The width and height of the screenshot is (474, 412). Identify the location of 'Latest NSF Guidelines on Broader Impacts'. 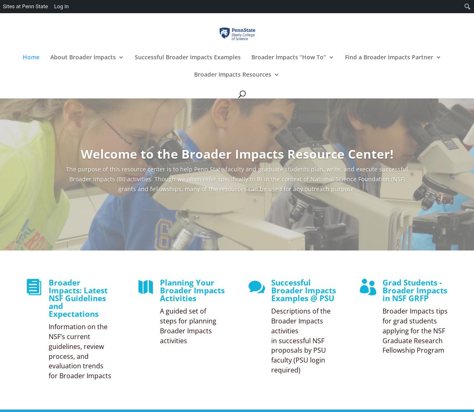
(97, 94).